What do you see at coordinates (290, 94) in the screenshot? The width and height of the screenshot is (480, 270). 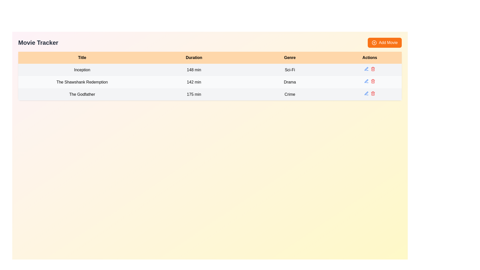 I see `the static text label displaying 'Crime', which is located in the third column of the last row under the 'Genre' header for the movie 'The Godfather'` at bounding box center [290, 94].